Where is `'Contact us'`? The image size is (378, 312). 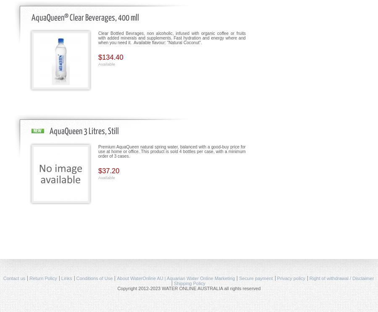
'Contact us' is located at coordinates (13, 277).